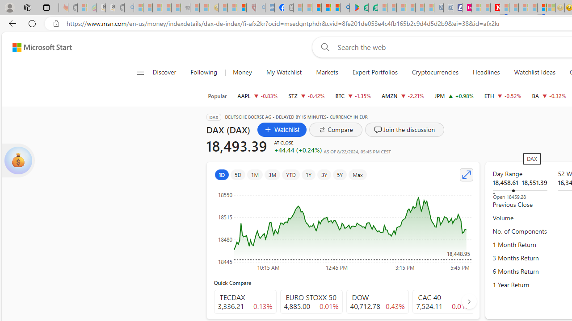  Describe the element at coordinates (283, 72) in the screenshot. I see `'My Watchlist'` at that location.